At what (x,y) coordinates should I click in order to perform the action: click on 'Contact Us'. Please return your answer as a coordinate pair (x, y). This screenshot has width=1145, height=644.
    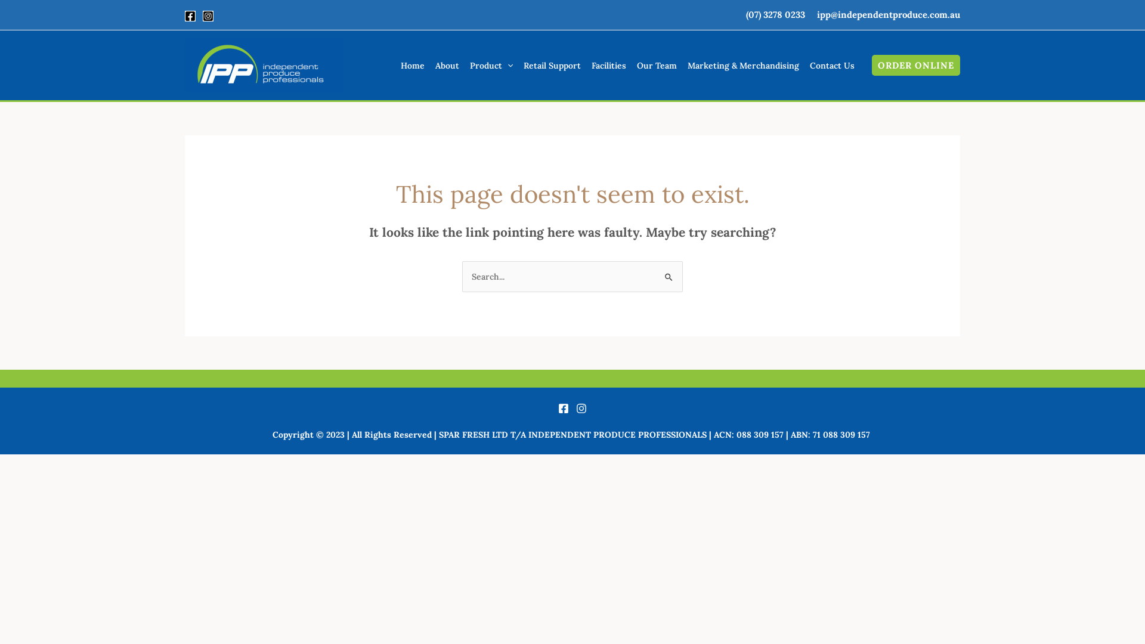
    Looking at the image, I should click on (831, 66).